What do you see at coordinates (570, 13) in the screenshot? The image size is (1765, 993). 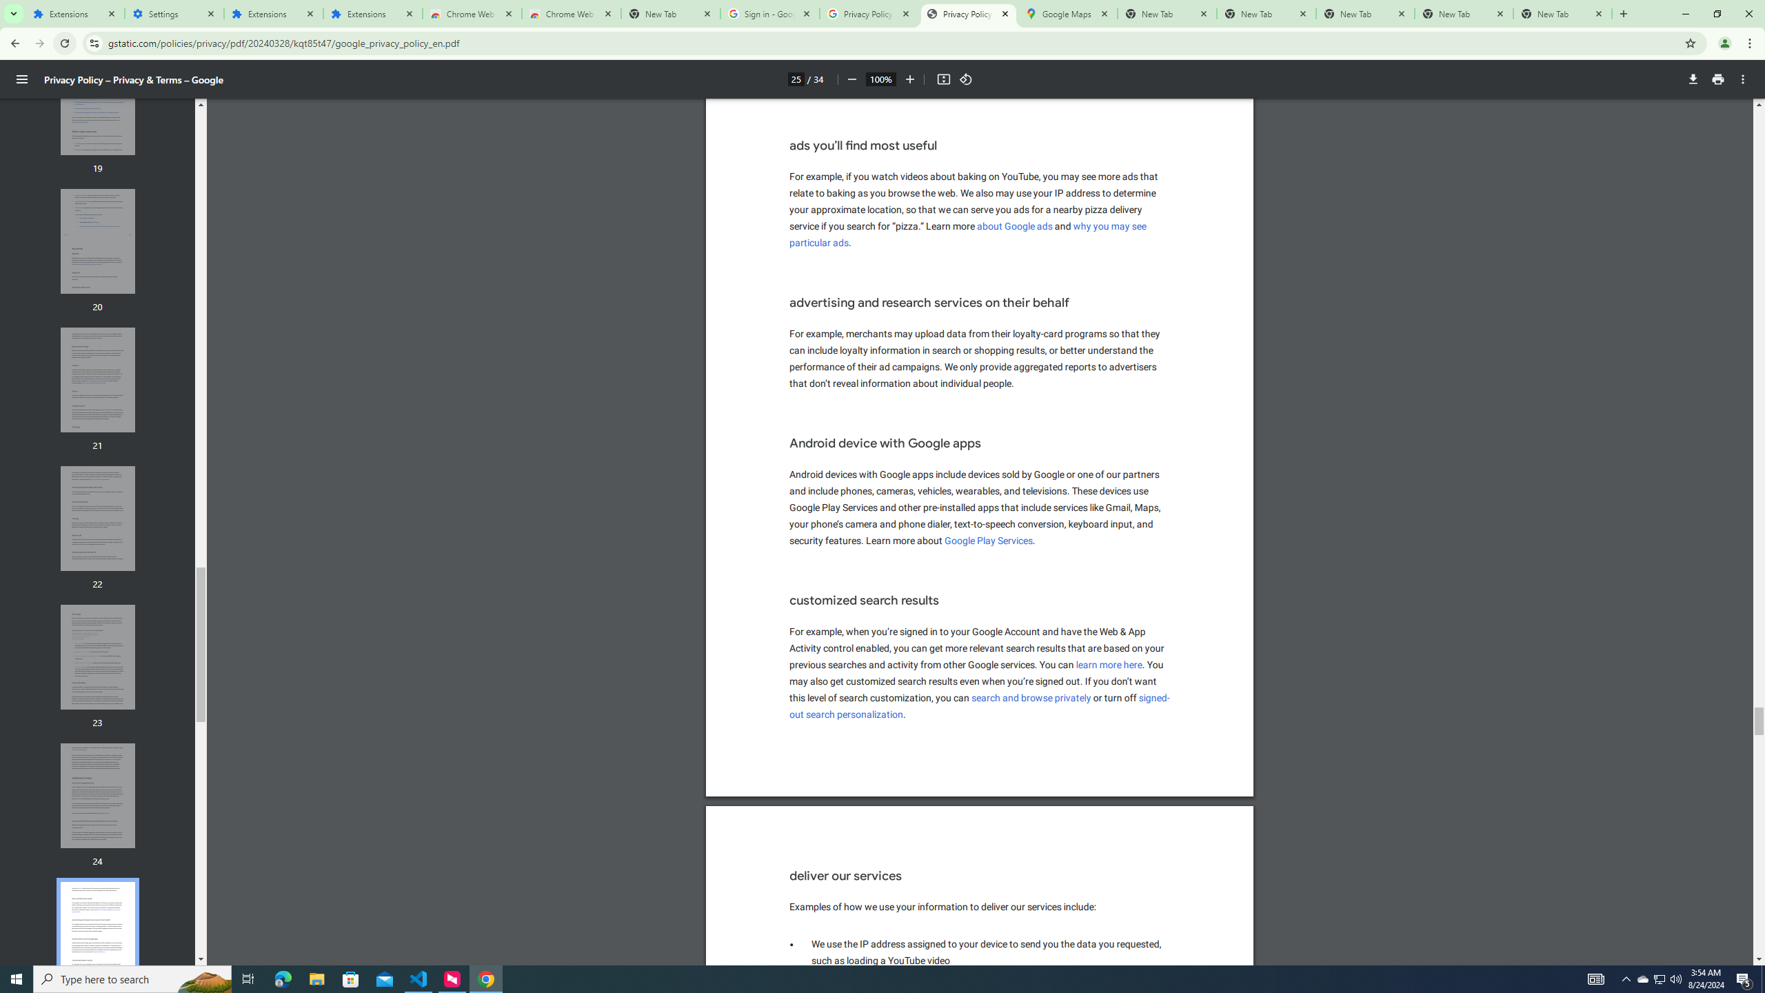 I see `'Chrome Web Store - Themes'` at bounding box center [570, 13].